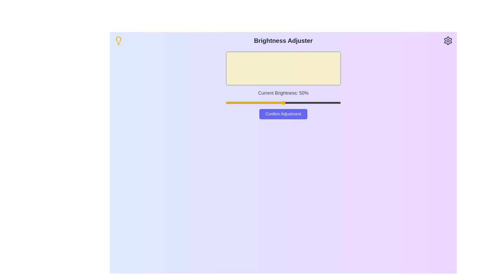  What do you see at coordinates (335, 103) in the screenshot?
I see `the brightness slider to 95%` at bounding box center [335, 103].